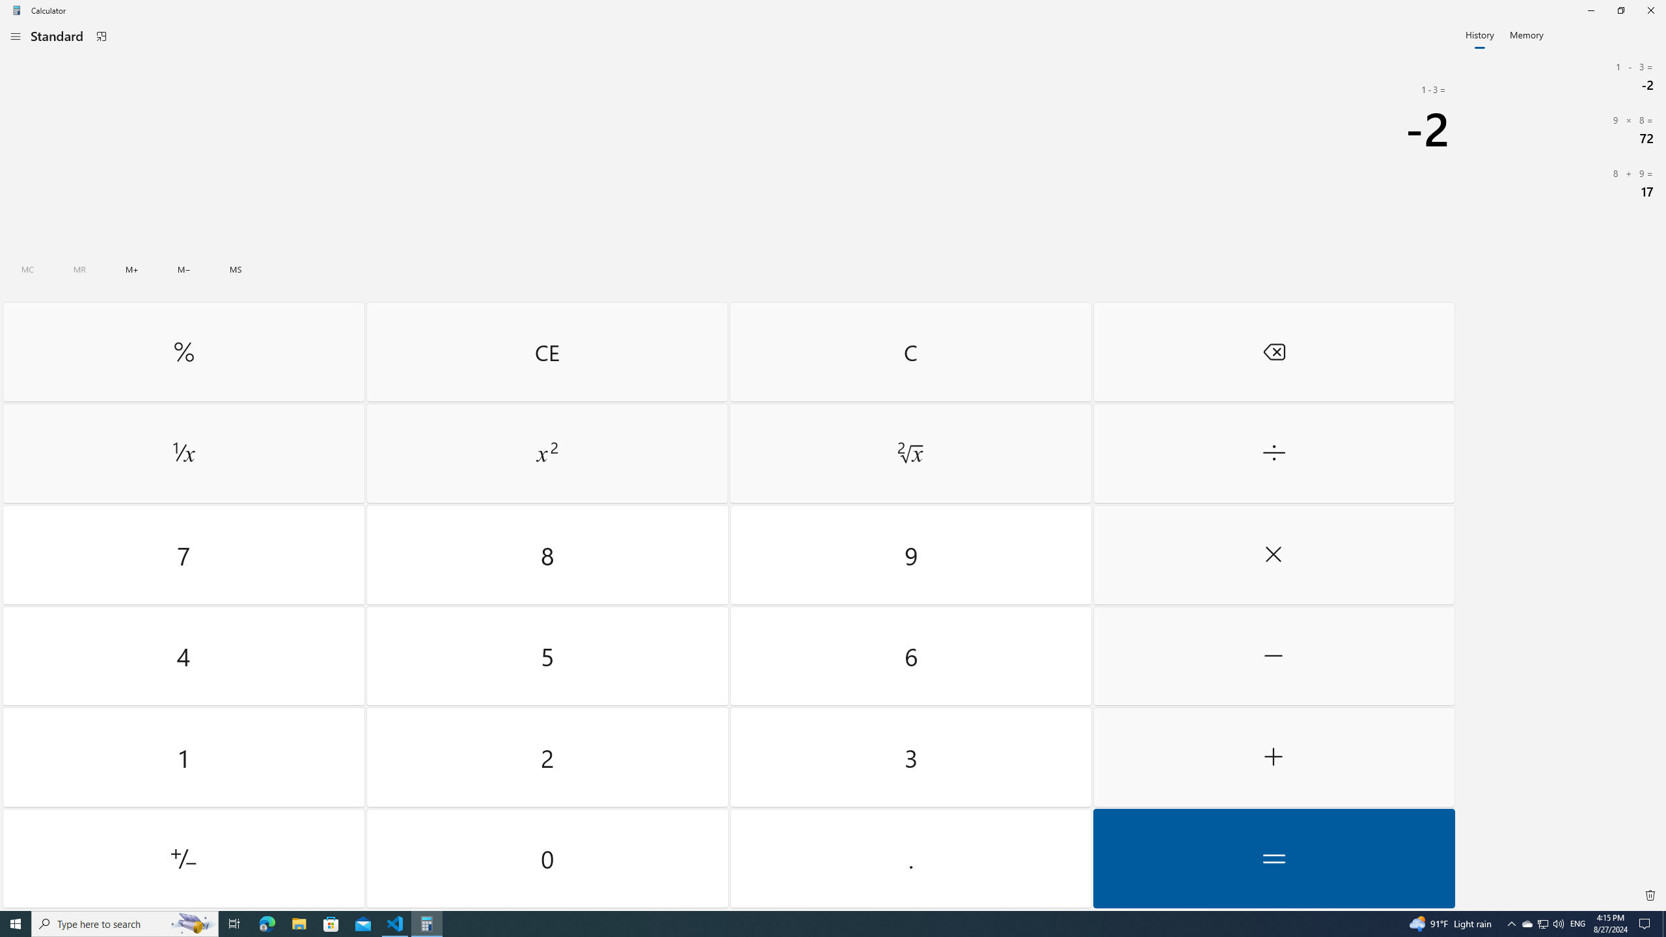  What do you see at coordinates (298, 923) in the screenshot?
I see `'File Explorer'` at bounding box center [298, 923].